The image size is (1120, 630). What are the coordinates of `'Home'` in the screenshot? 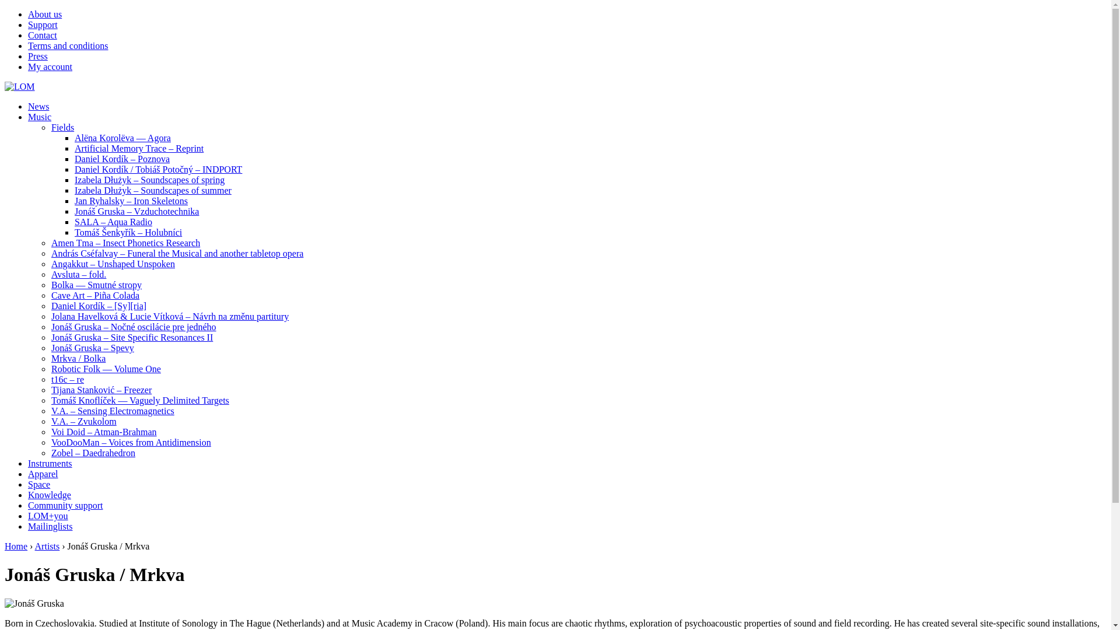 It's located at (16, 546).